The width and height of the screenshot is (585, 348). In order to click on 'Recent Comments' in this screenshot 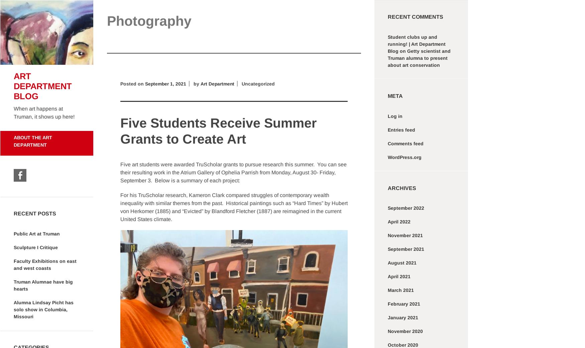, I will do `click(416, 16)`.